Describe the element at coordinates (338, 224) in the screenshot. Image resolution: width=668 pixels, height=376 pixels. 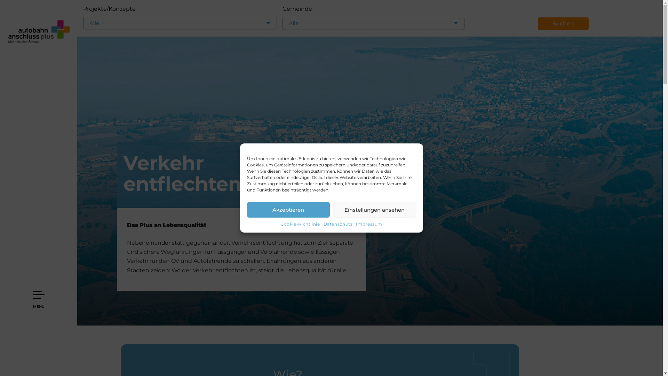
I see `'Datenschutz'` at that location.